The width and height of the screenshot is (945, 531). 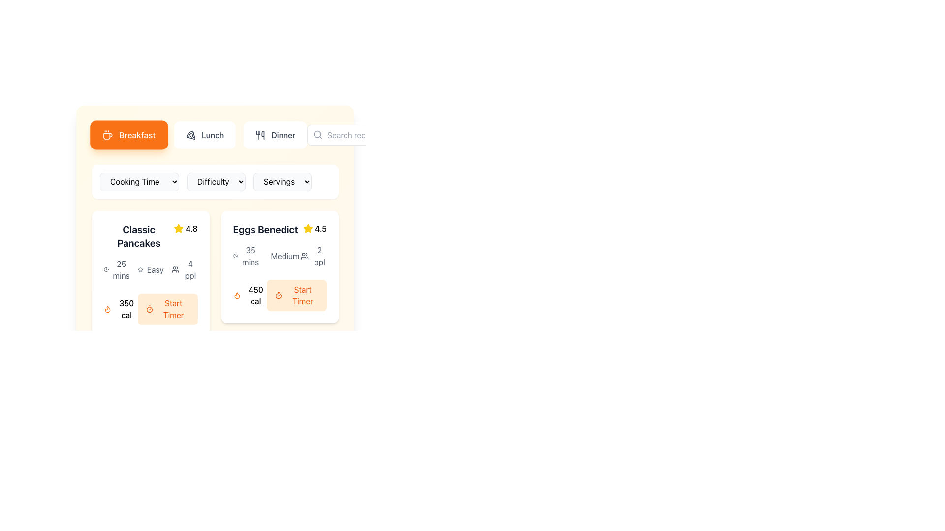 I want to click on caloric information displayed in the label '450 cal' located in the composite UI component under the 'Eggs Benedict' section, which includes a flame icon and a 'Start Timer' button, so click(x=279, y=295).